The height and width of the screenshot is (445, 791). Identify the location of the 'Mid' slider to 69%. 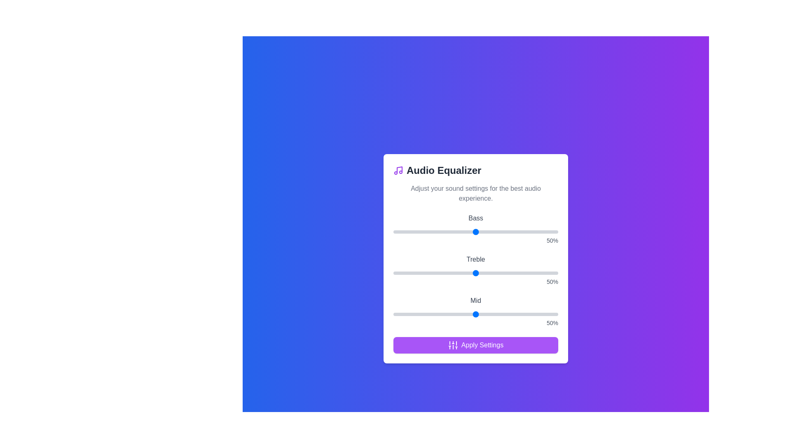
(506, 314).